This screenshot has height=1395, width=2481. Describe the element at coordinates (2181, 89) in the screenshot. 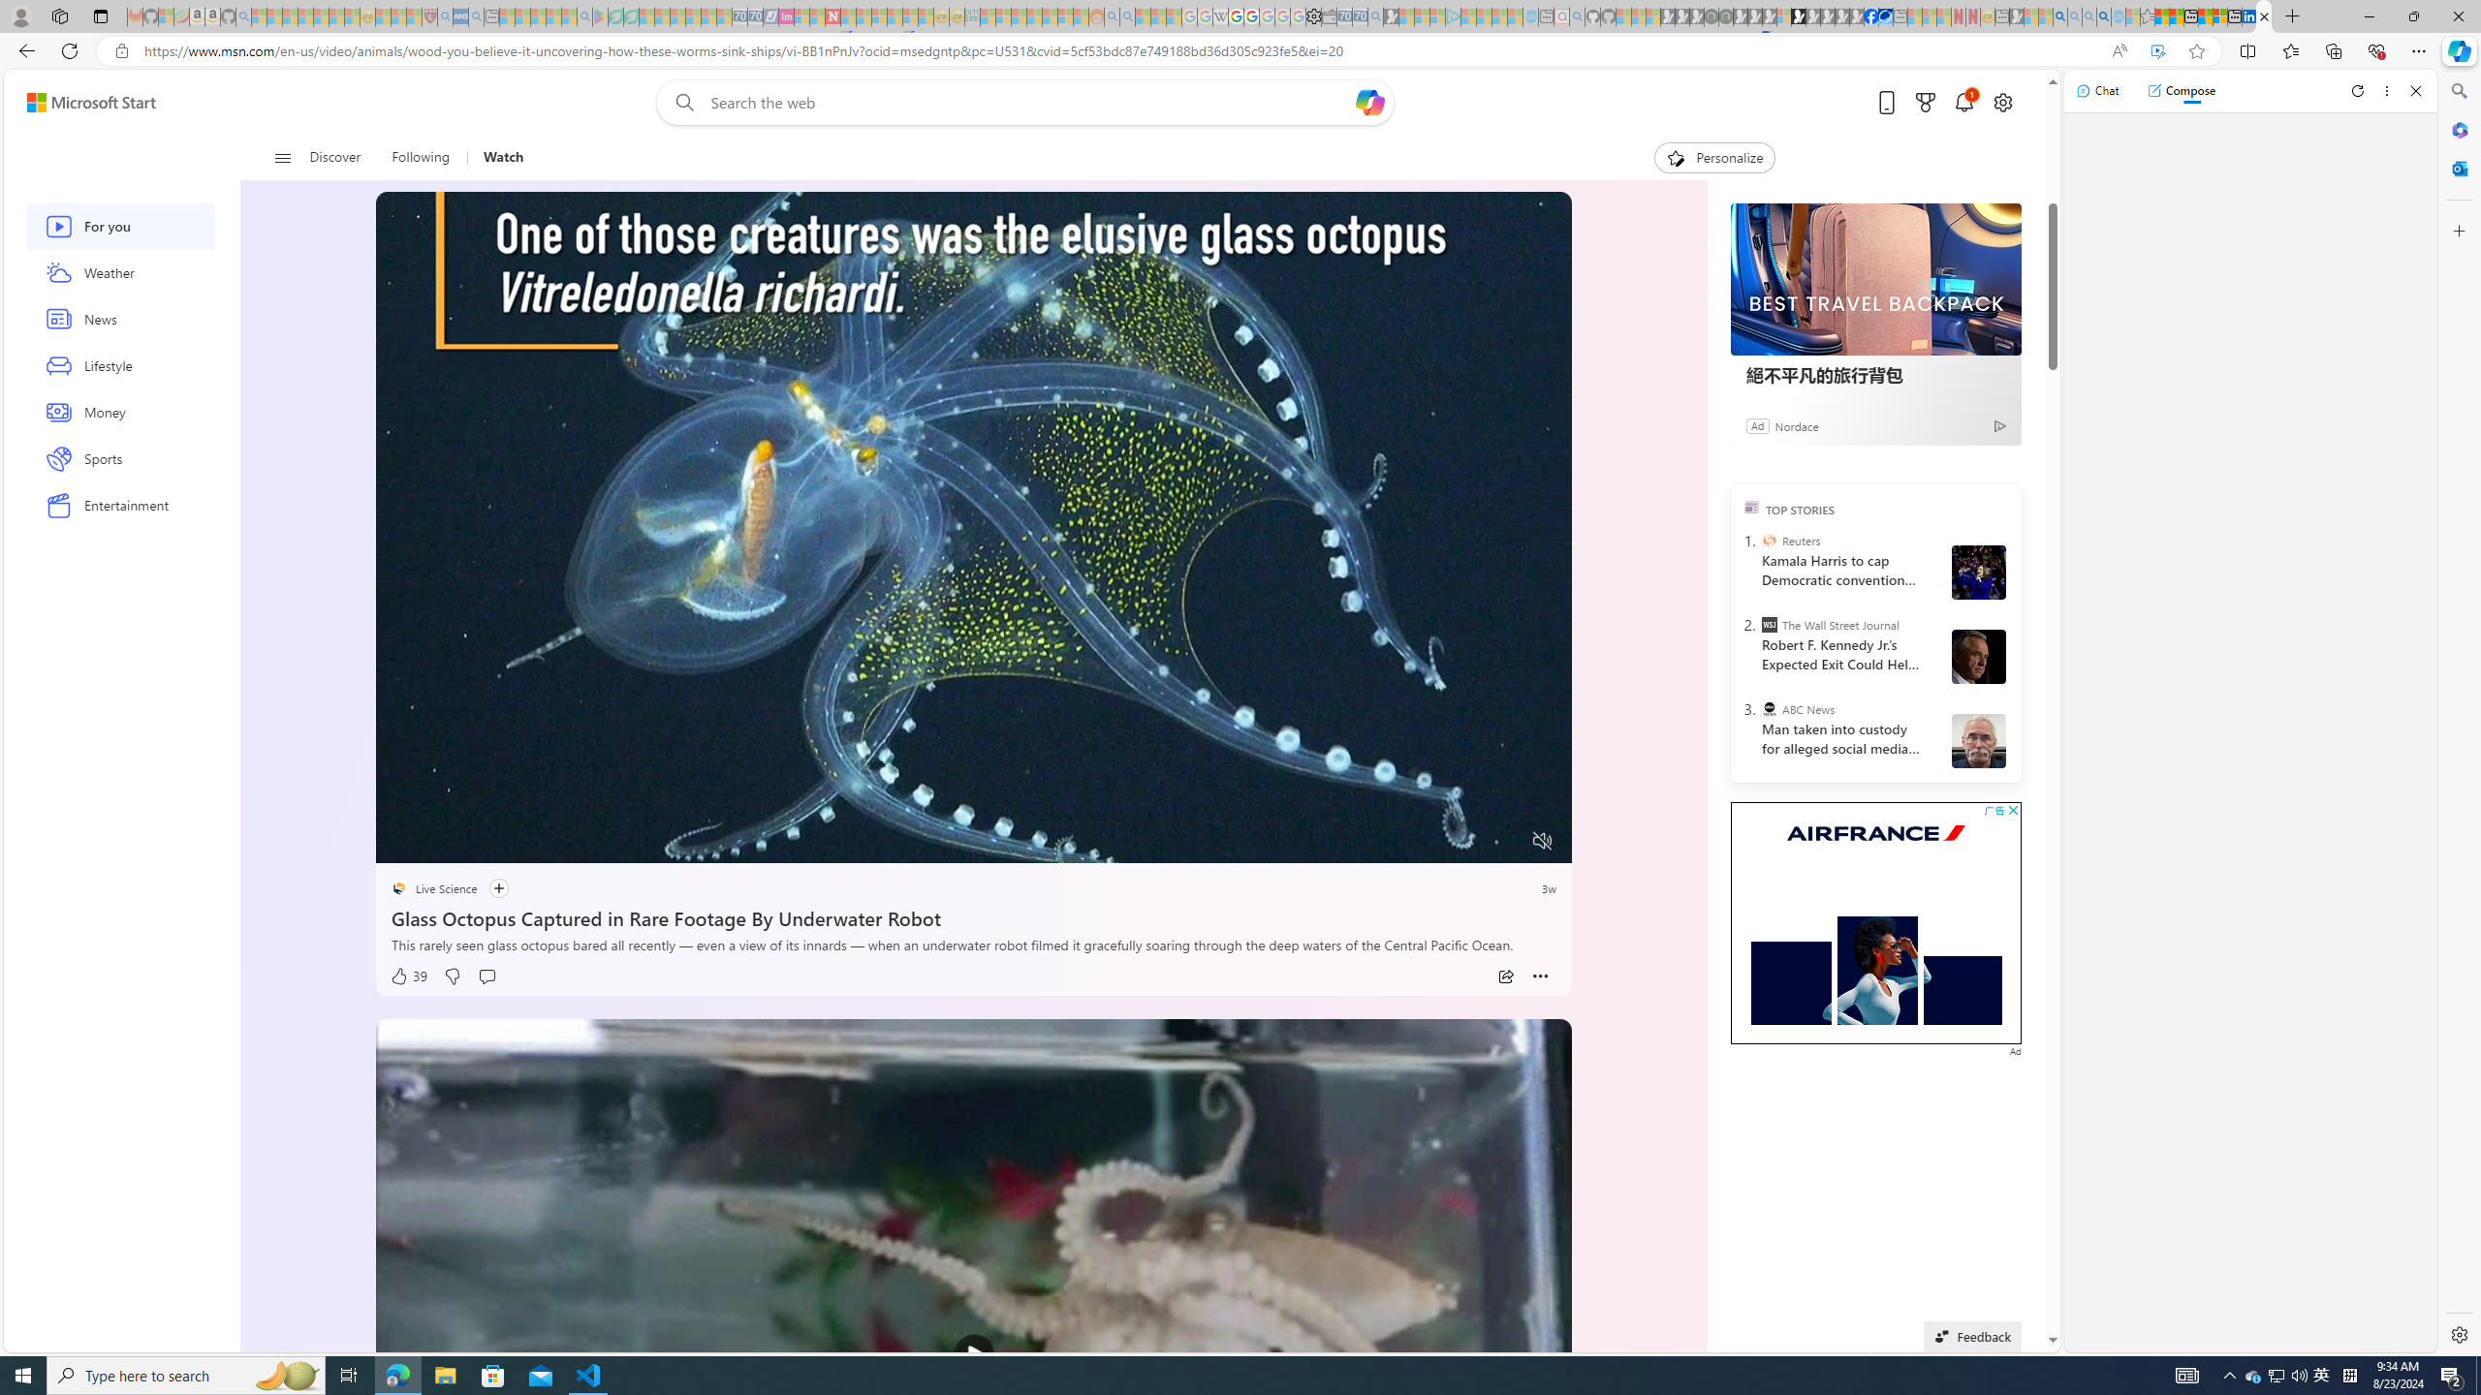

I see `'Compose'` at that location.